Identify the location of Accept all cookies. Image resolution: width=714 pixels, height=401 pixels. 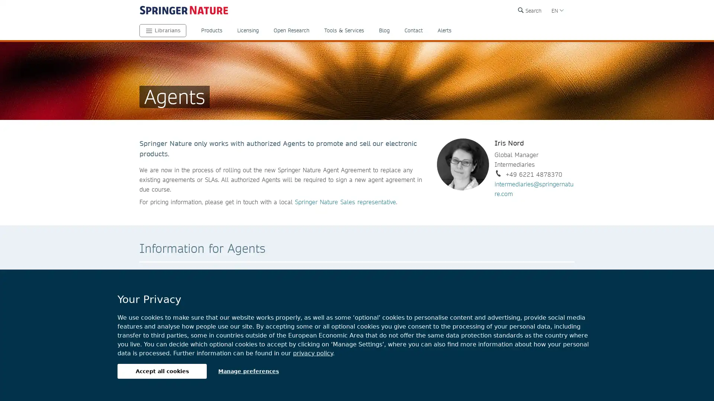
(162, 371).